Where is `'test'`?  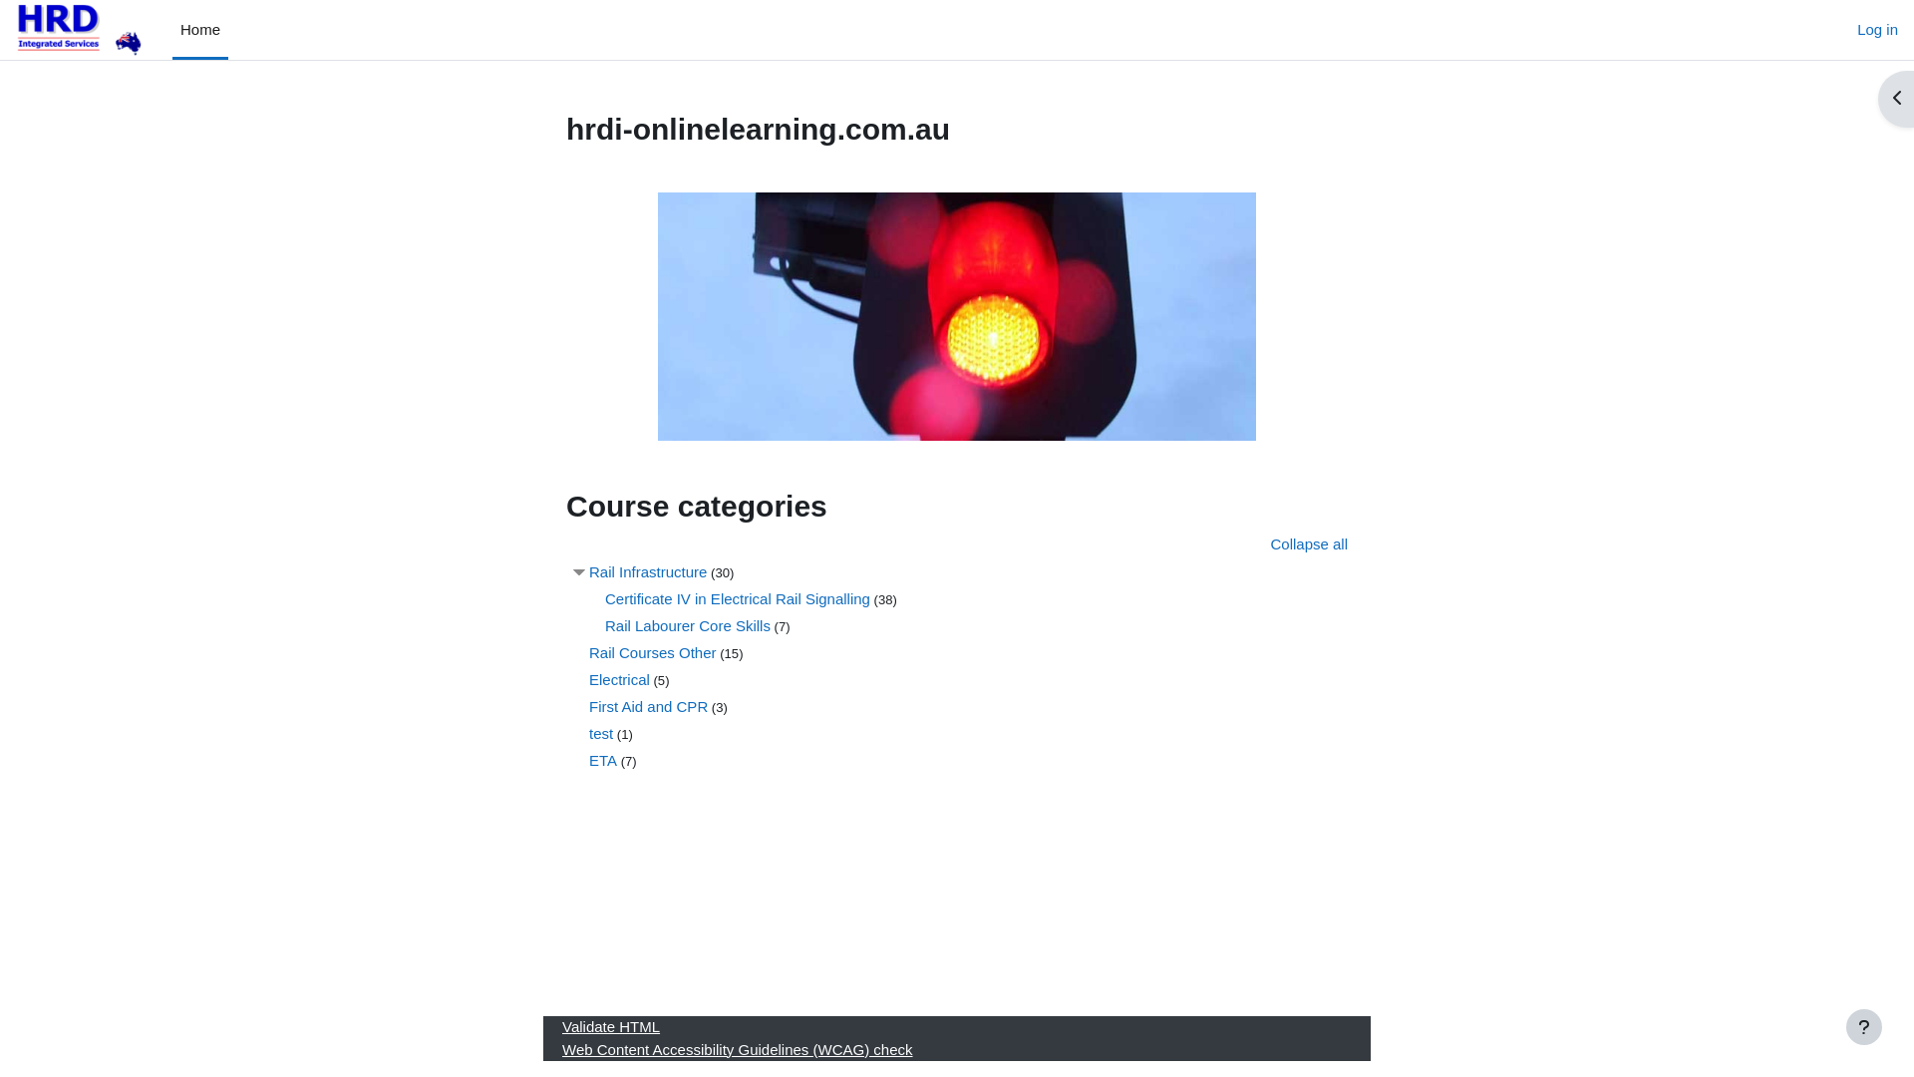
'test' is located at coordinates (587, 732).